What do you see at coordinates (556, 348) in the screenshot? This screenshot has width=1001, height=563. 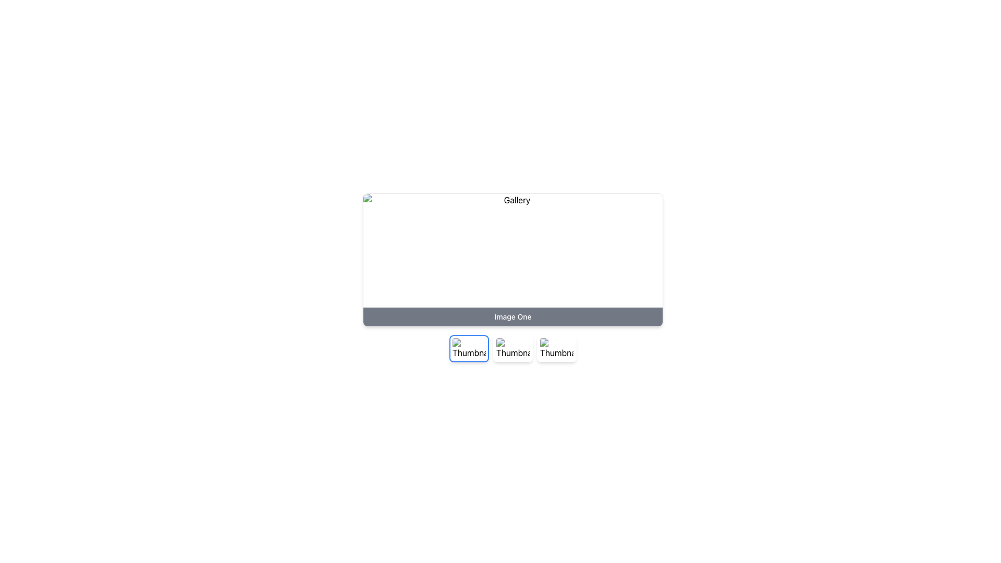 I see `the rightmost thumbnail image in the gallery to trigger visual effects` at bounding box center [556, 348].